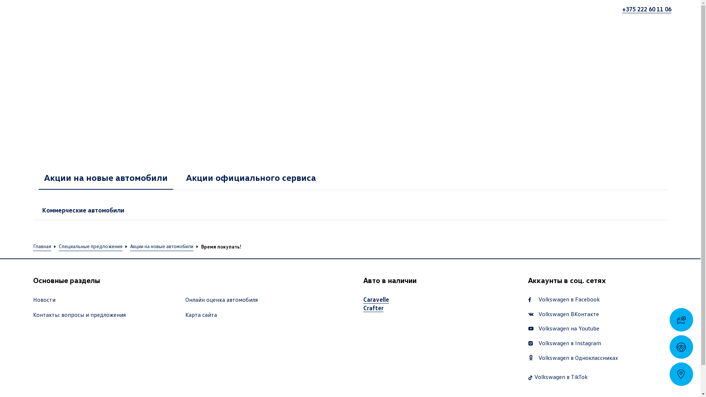  What do you see at coordinates (363, 299) in the screenshot?
I see `'Caravelle'` at bounding box center [363, 299].